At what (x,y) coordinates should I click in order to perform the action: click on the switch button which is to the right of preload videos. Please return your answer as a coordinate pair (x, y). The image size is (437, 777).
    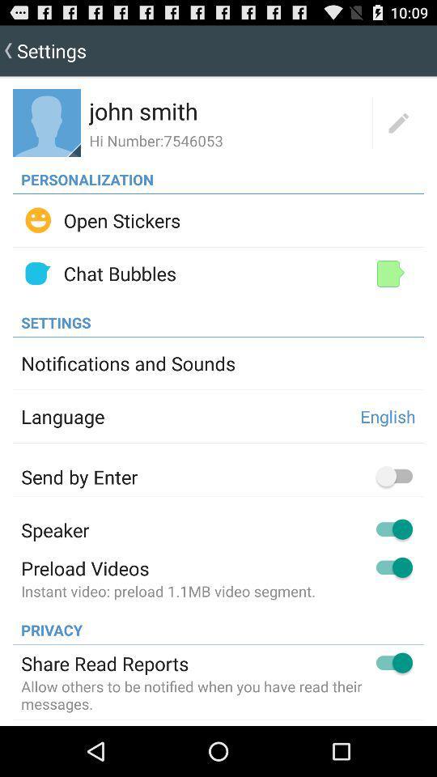
    Looking at the image, I should click on (393, 567).